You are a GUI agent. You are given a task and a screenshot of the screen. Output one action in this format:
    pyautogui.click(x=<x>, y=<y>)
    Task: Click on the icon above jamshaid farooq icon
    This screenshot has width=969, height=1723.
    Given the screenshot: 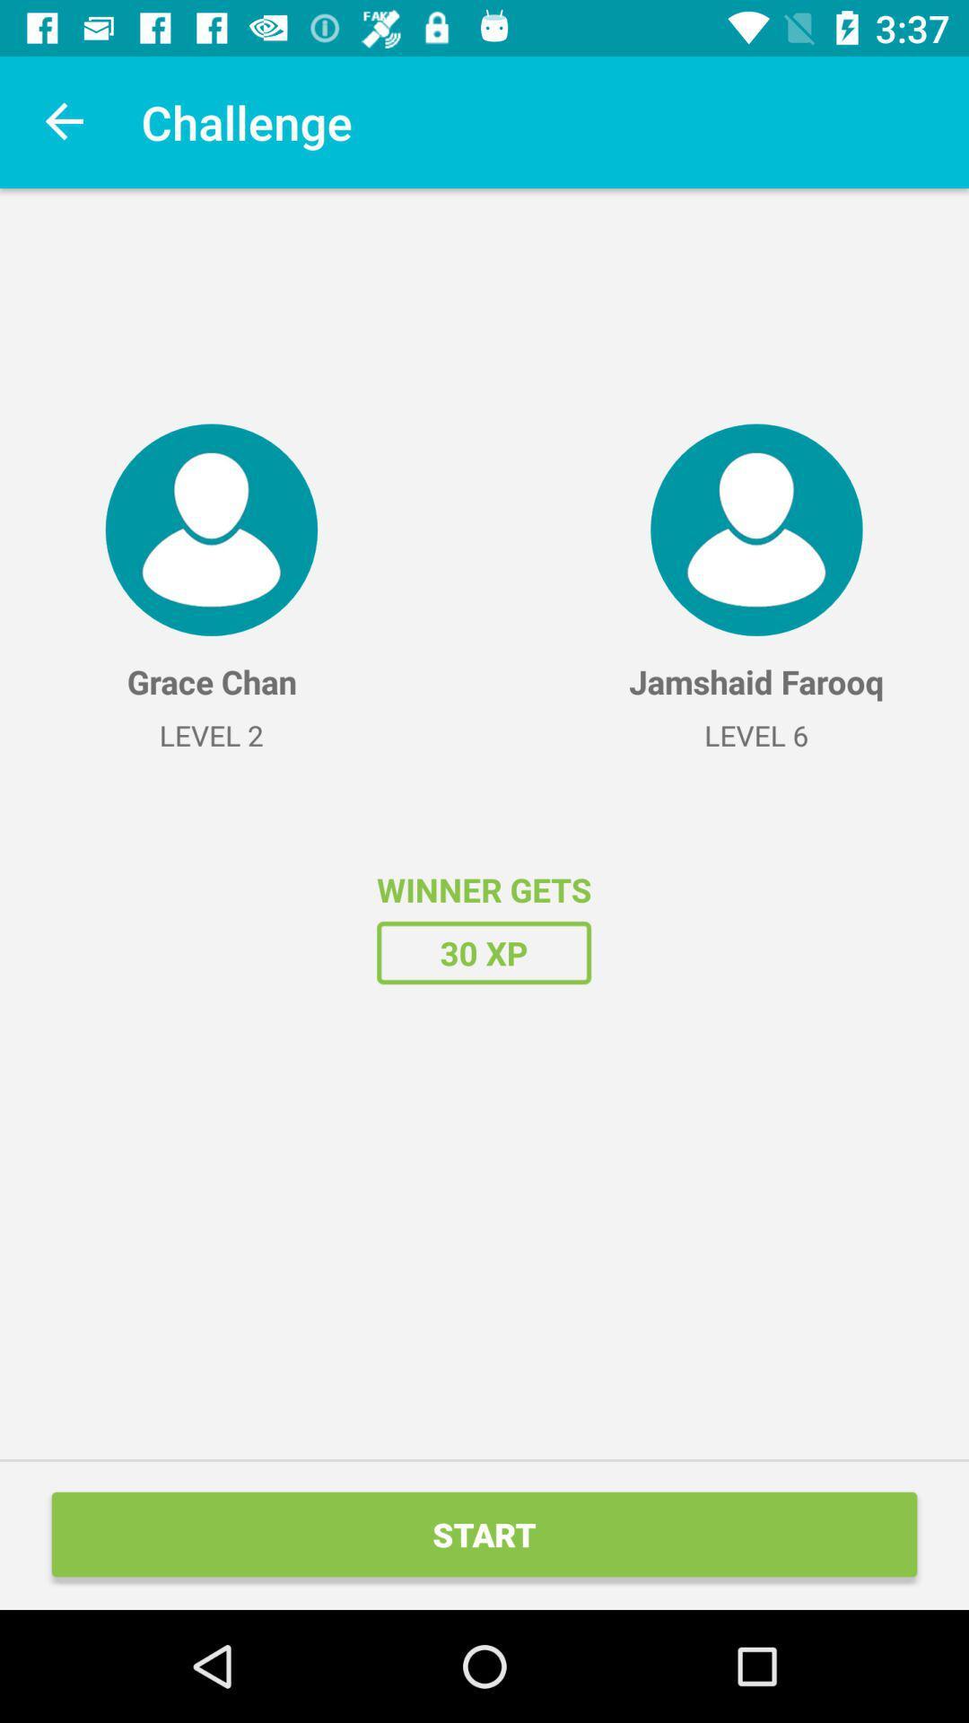 What is the action you would take?
    pyautogui.click(x=756, y=529)
    